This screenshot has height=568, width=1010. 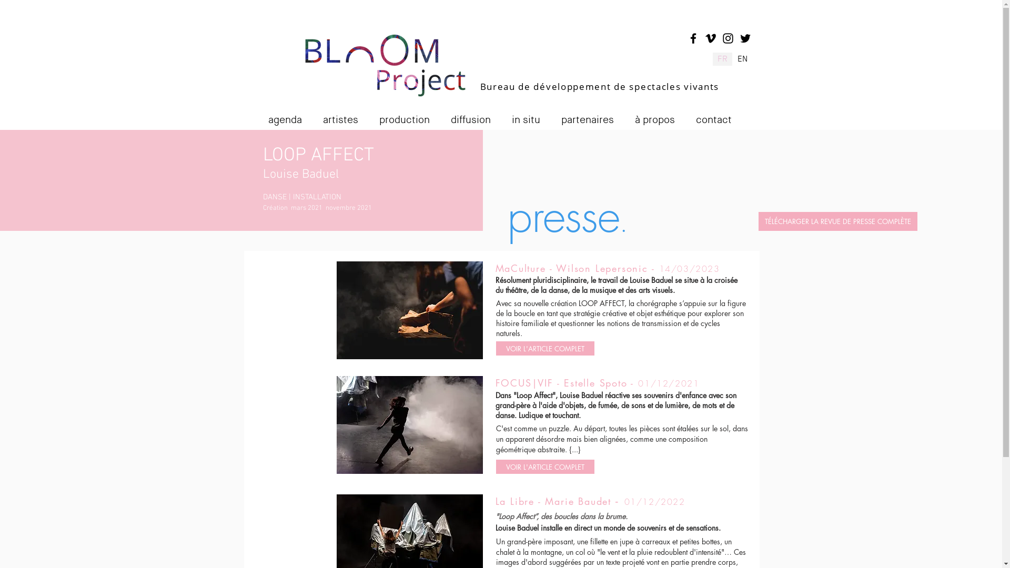 I want to click on 'FR', so click(x=712, y=59).